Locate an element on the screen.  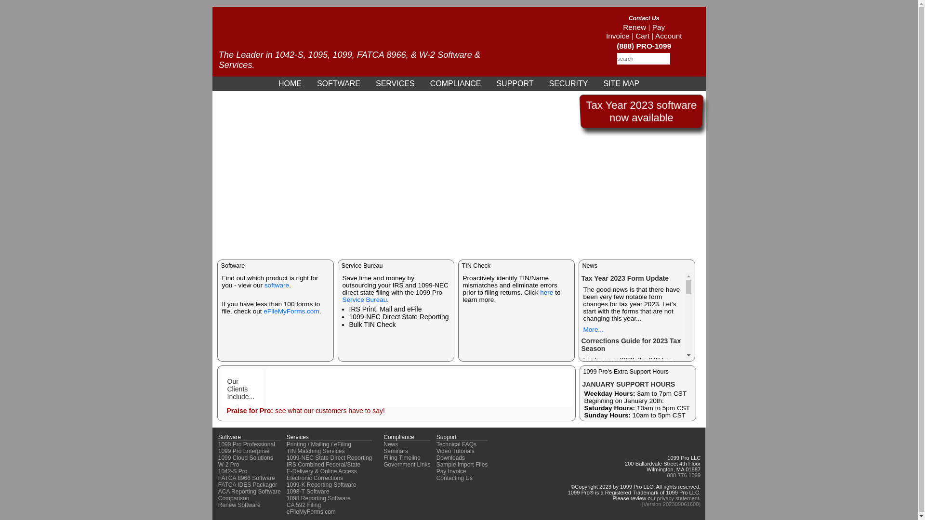
'Printing / Mailing / eFiling' is located at coordinates (286, 444).